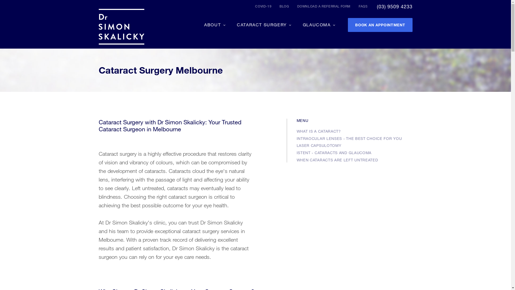 Image resolution: width=515 pixels, height=290 pixels. What do you see at coordinates (337, 160) in the screenshot?
I see `'WHEN CATARACTS ARE LEFT UNTREATED'` at bounding box center [337, 160].